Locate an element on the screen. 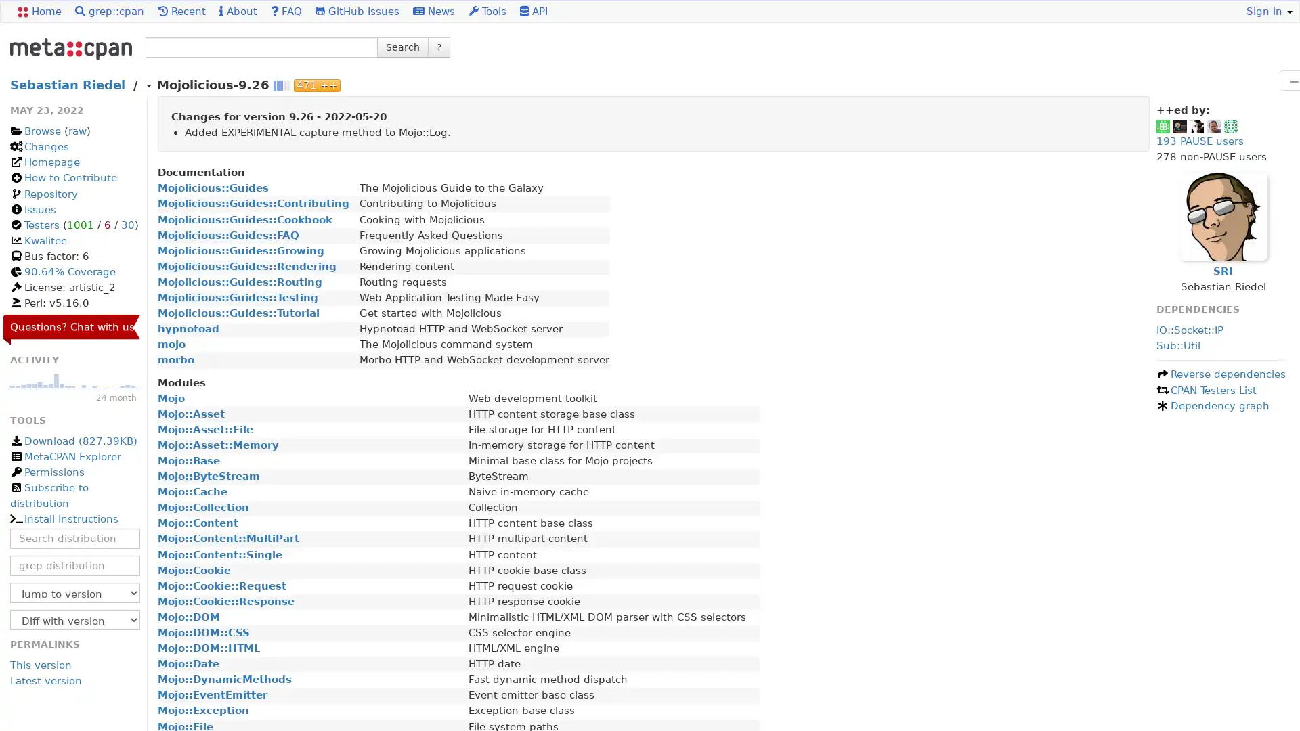 The height and width of the screenshot is (731, 1300). ? is located at coordinates (439, 46).